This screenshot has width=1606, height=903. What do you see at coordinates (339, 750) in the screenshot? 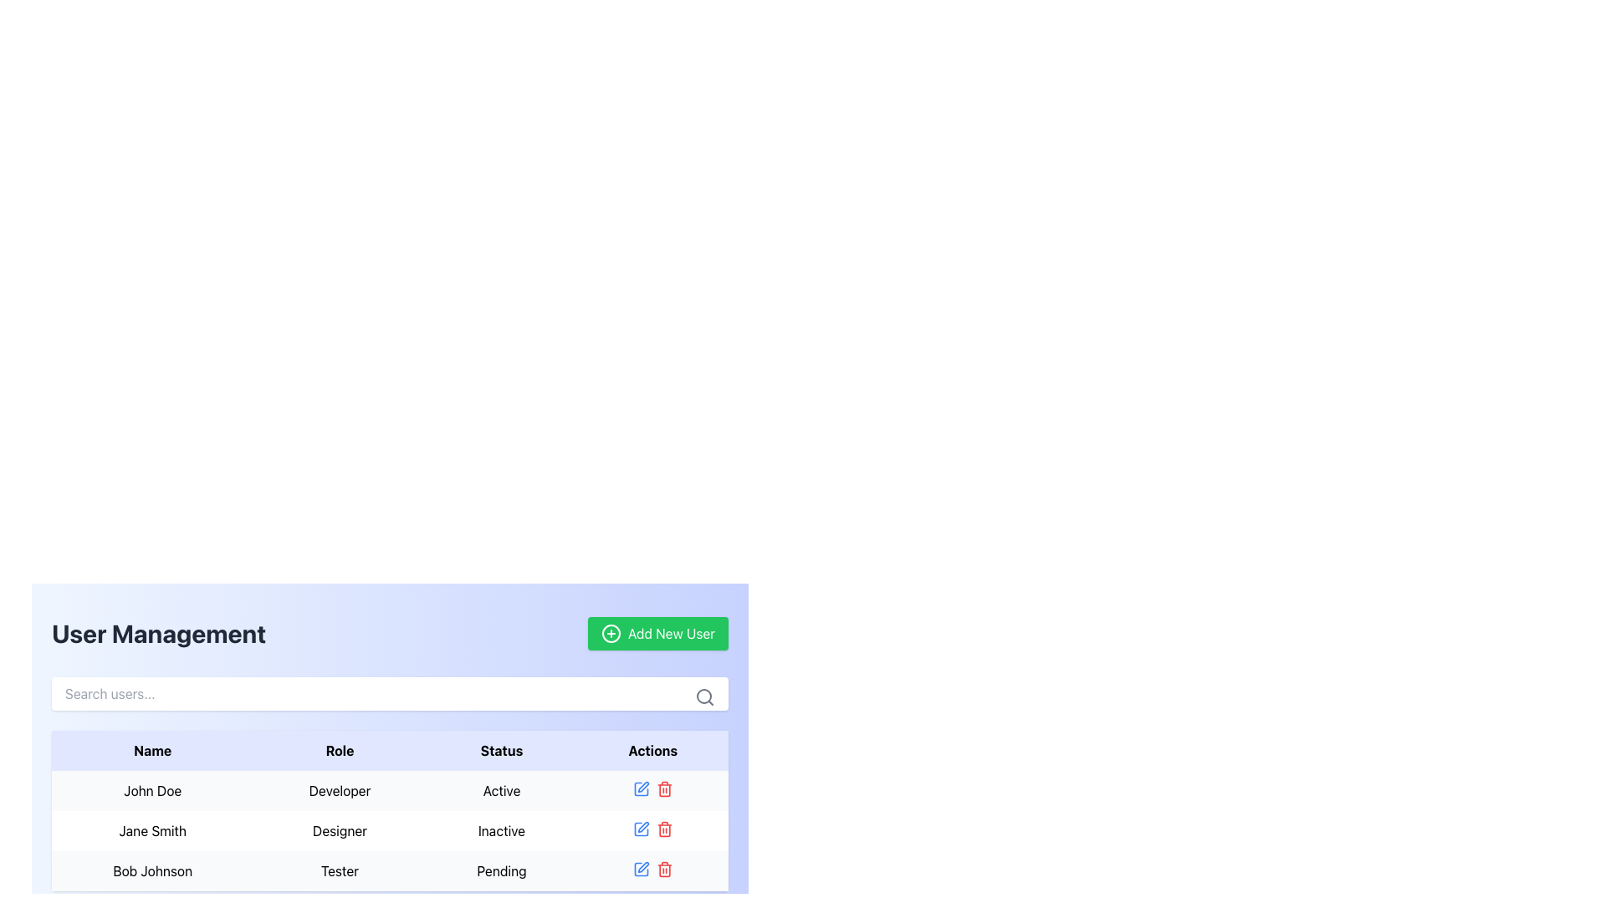
I see `the column header label indicating roles associated with entities in the table, located between 'Name' and 'Status'` at bounding box center [339, 750].